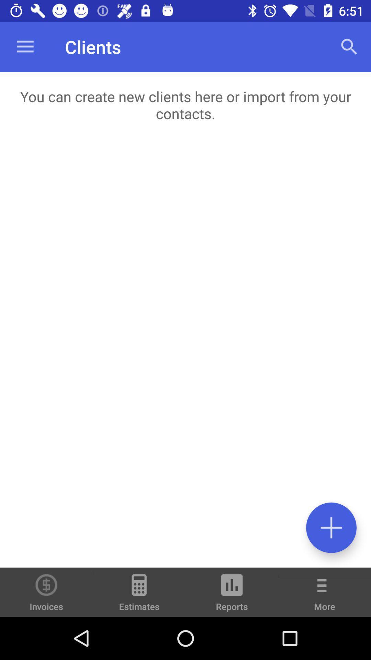  Describe the element at coordinates (349, 46) in the screenshot. I see `icon to the right of the clients` at that location.